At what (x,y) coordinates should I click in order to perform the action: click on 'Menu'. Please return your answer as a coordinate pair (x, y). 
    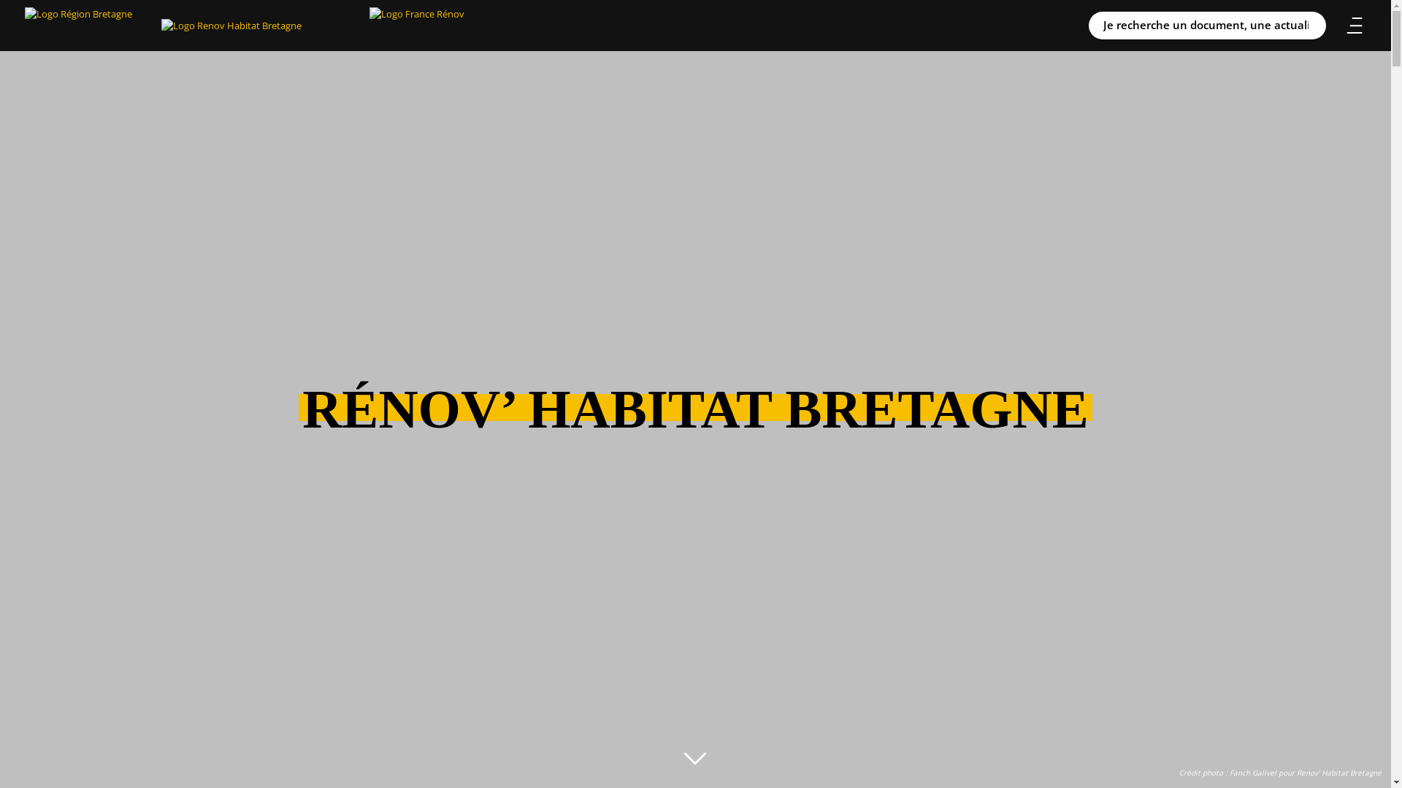
    Looking at the image, I should click on (1343, 25).